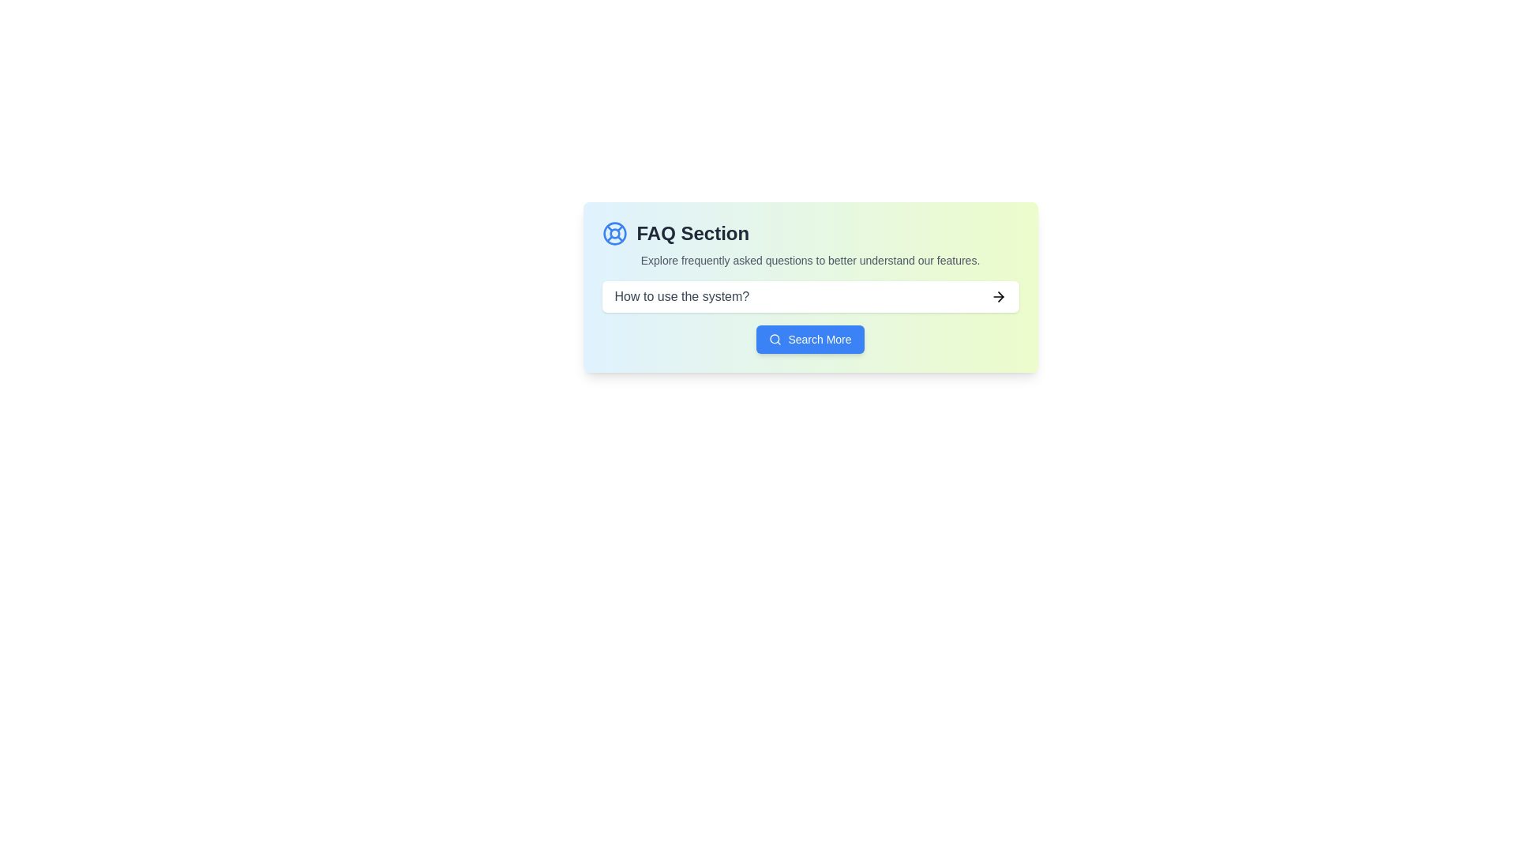 The height and width of the screenshot is (853, 1516). What do you see at coordinates (775, 338) in the screenshot?
I see `the circular icon within the magnifying glass graphic located in the bottom-right corner of the FAQ card` at bounding box center [775, 338].